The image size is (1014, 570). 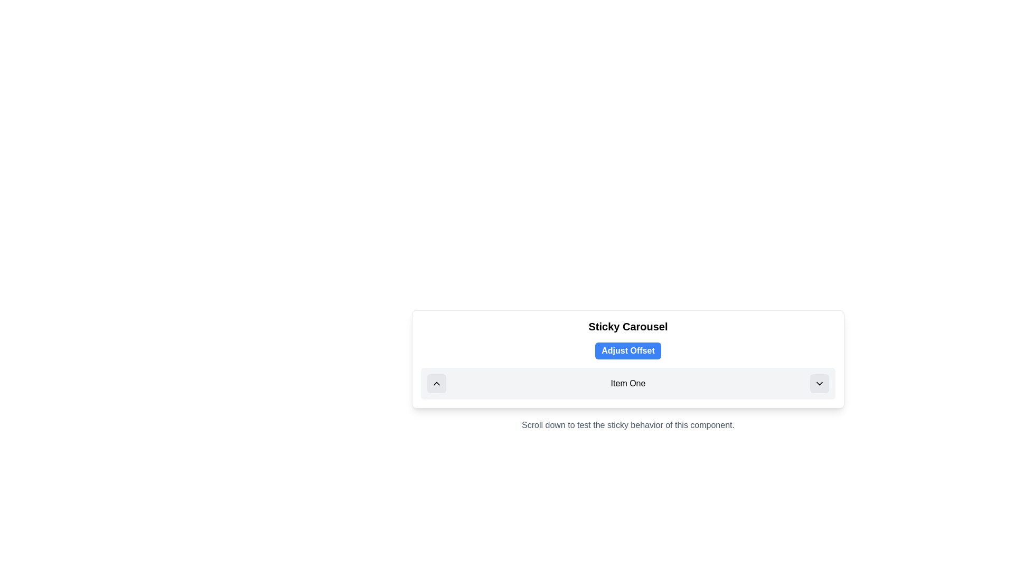 I want to click on the small square button with a light gray background and rounded corners, which contains an upward-facing chevron icon, located to the left of the text 'Item One', so click(x=436, y=383).